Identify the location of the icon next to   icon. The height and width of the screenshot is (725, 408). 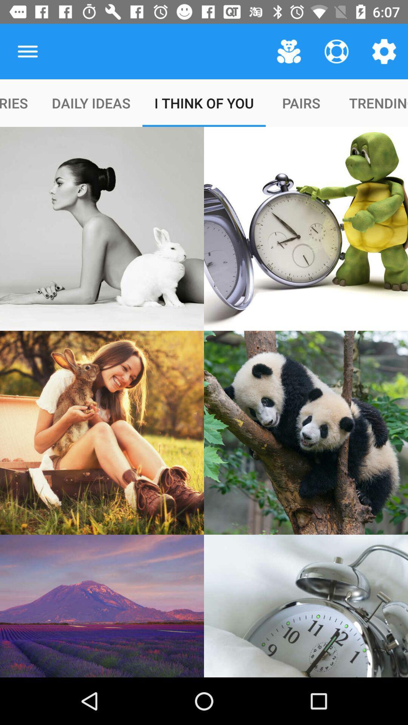
(27, 51).